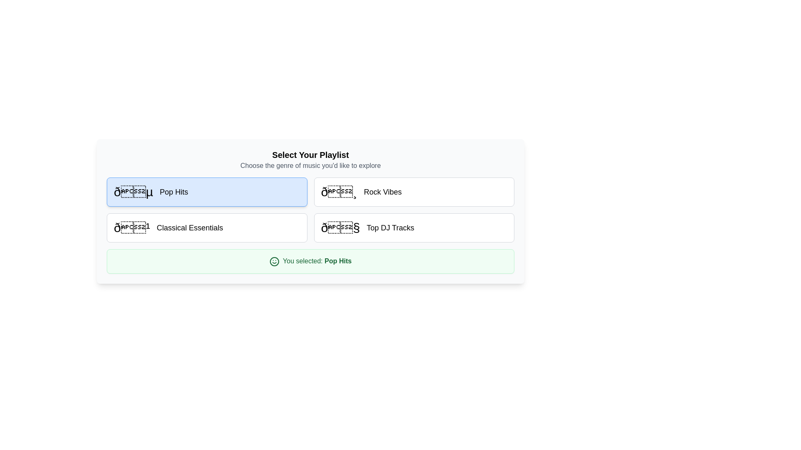 The width and height of the screenshot is (801, 450). Describe the element at coordinates (310, 155) in the screenshot. I see `the heading element that serves as a title for the playlist selection interface, positioned above the subtitle 'Choose the genre of music you'd like to explore.'` at that location.